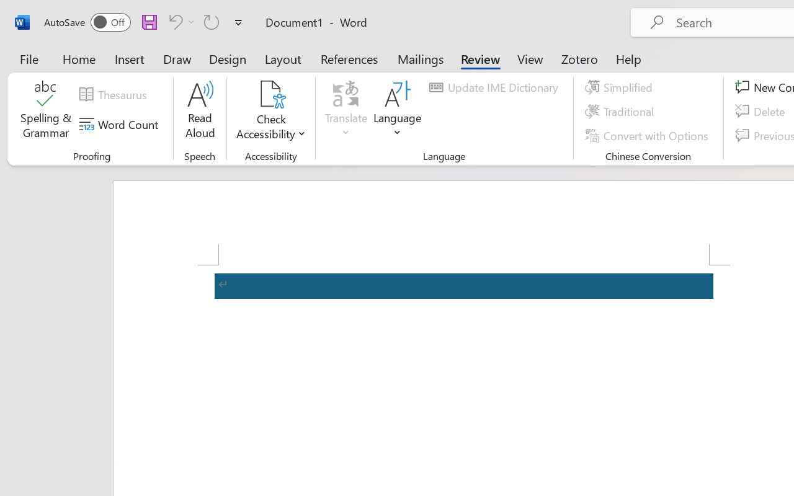 Image resolution: width=794 pixels, height=496 pixels. What do you see at coordinates (648, 135) in the screenshot?
I see `'Convert with Options...'` at bounding box center [648, 135].